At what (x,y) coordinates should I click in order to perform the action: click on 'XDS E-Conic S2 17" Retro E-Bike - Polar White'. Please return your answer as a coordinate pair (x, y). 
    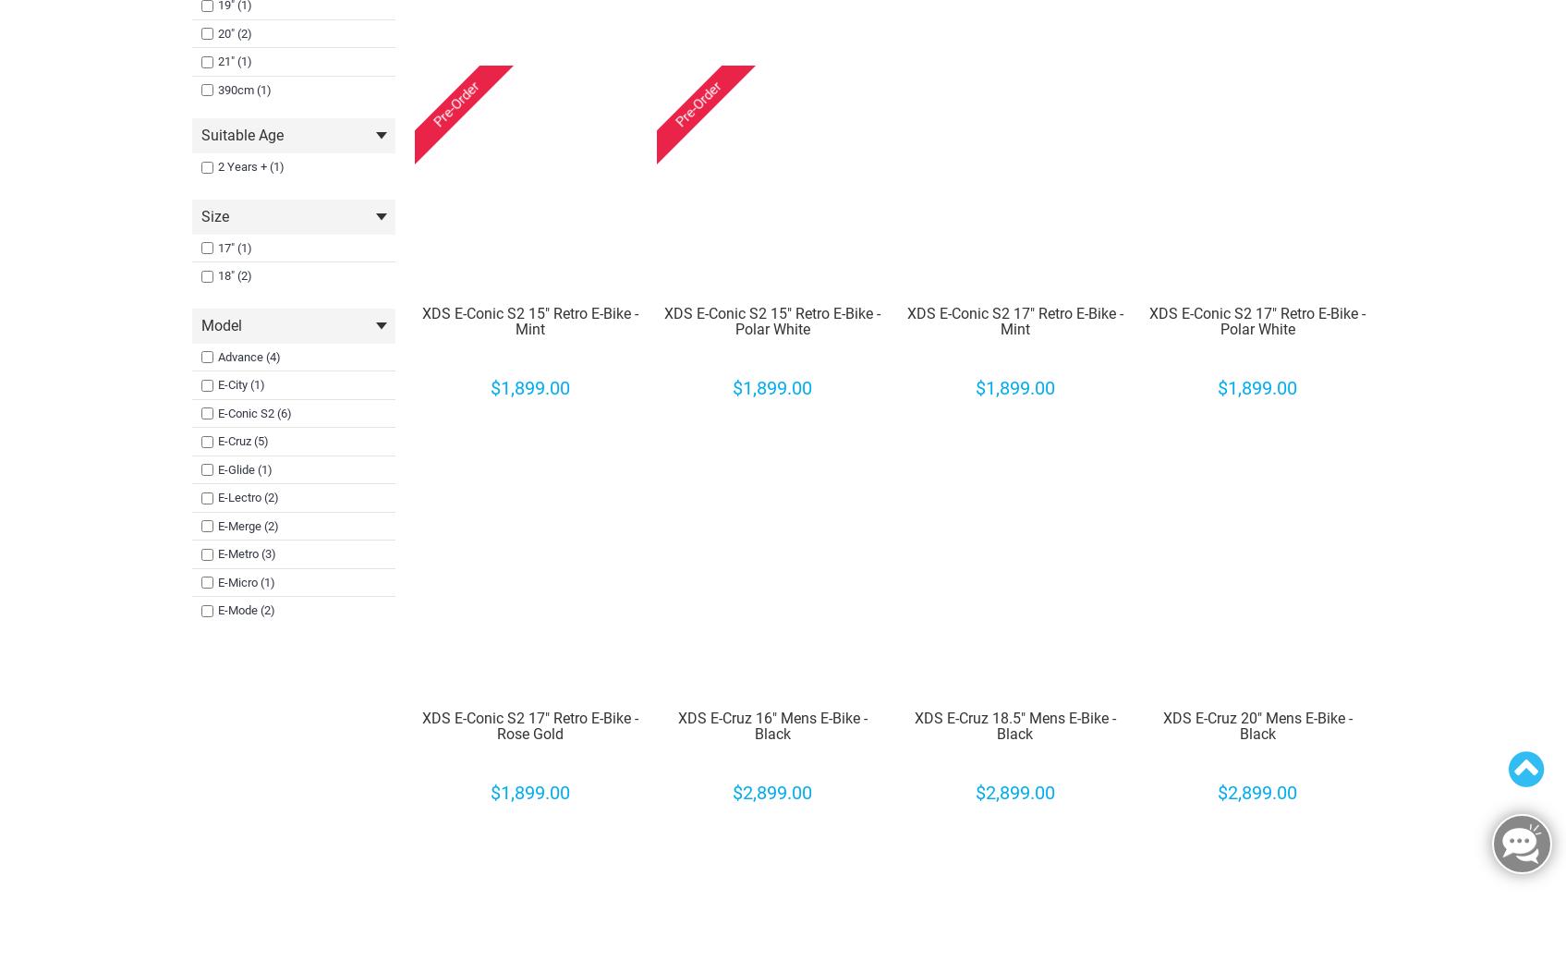
    Looking at the image, I should click on (1256, 320).